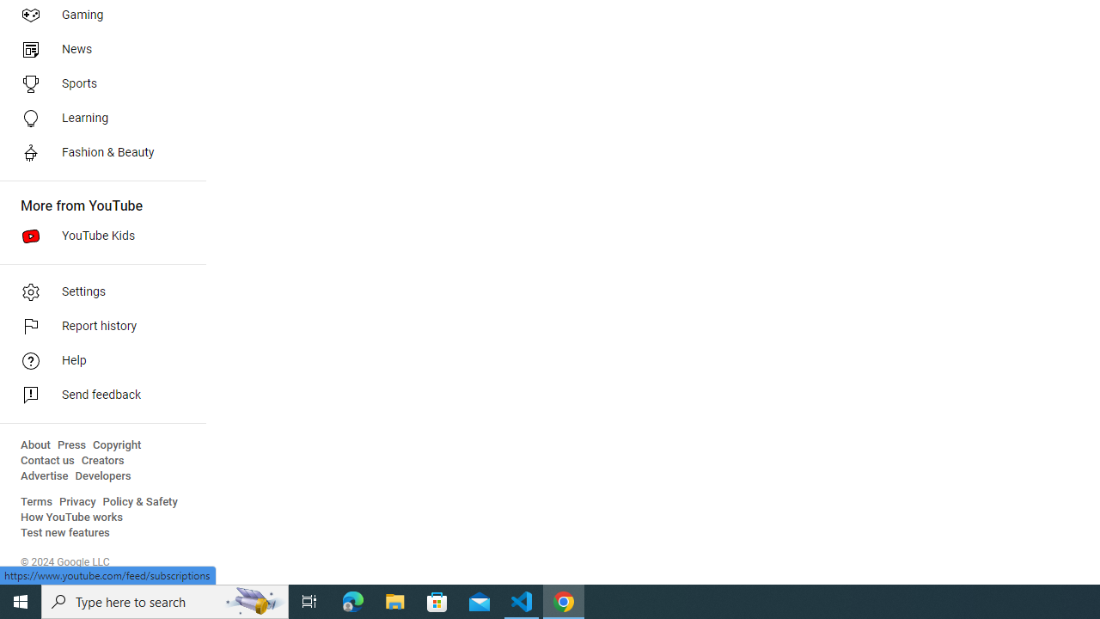 The width and height of the screenshot is (1100, 619). I want to click on 'Sports', so click(96, 83).